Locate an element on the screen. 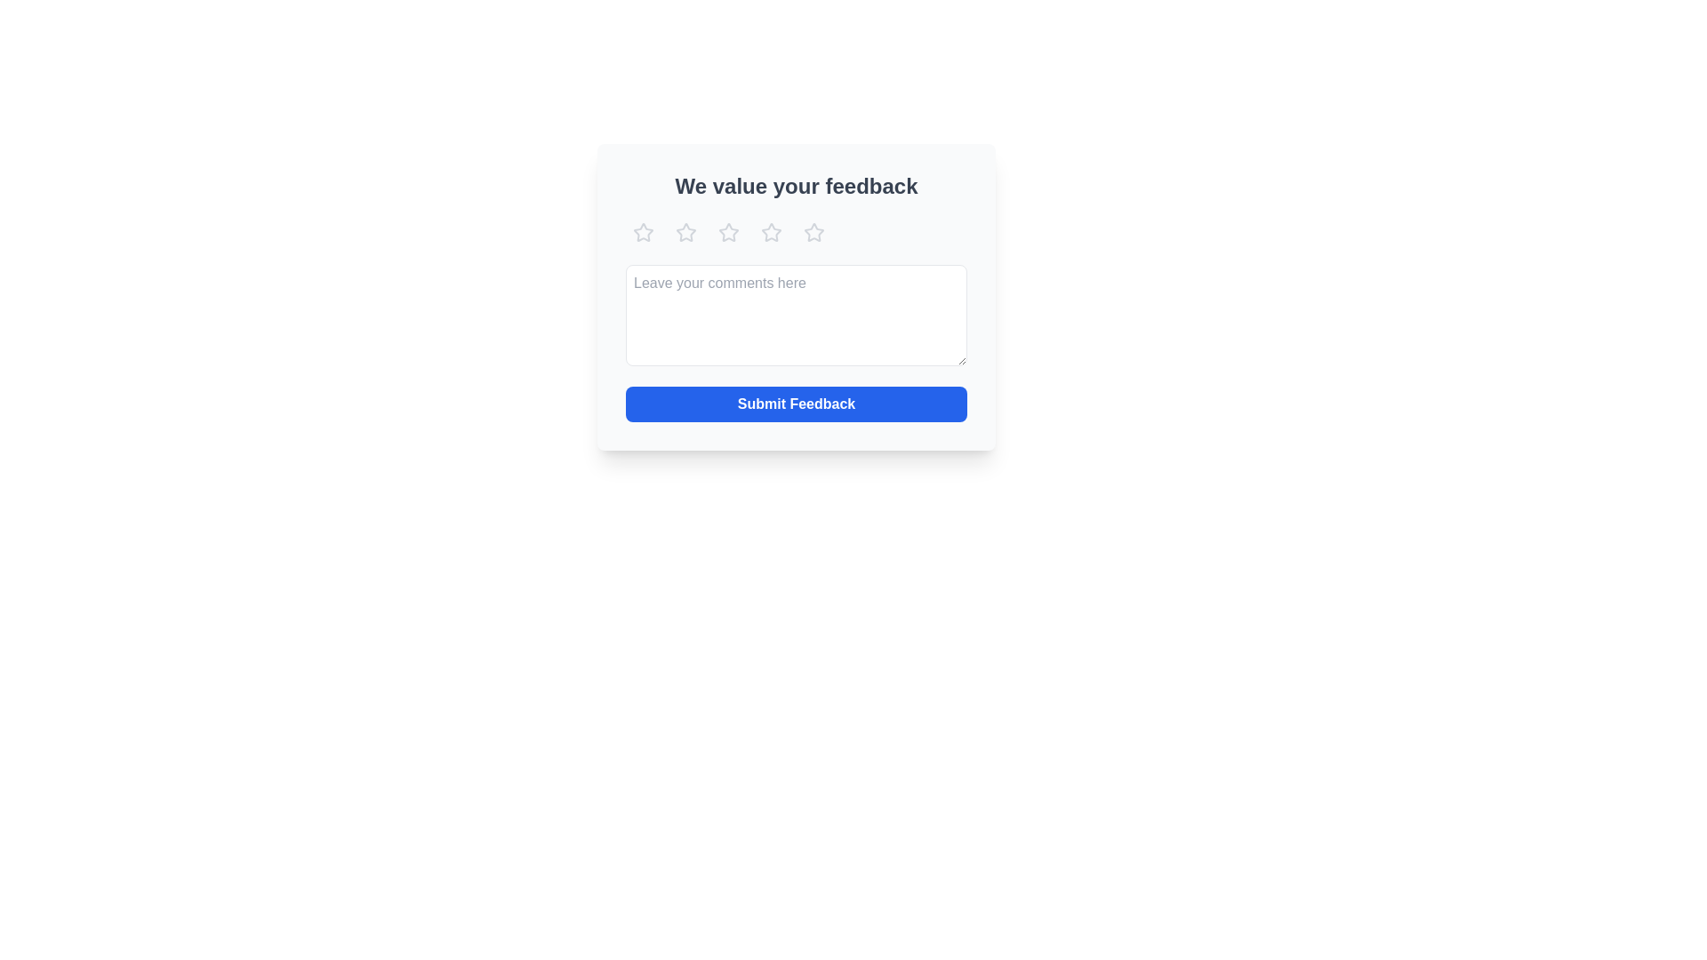 This screenshot has height=960, width=1707. one of the star icons in the rating component below the heading 'We value your feedback' is located at coordinates (796, 232).